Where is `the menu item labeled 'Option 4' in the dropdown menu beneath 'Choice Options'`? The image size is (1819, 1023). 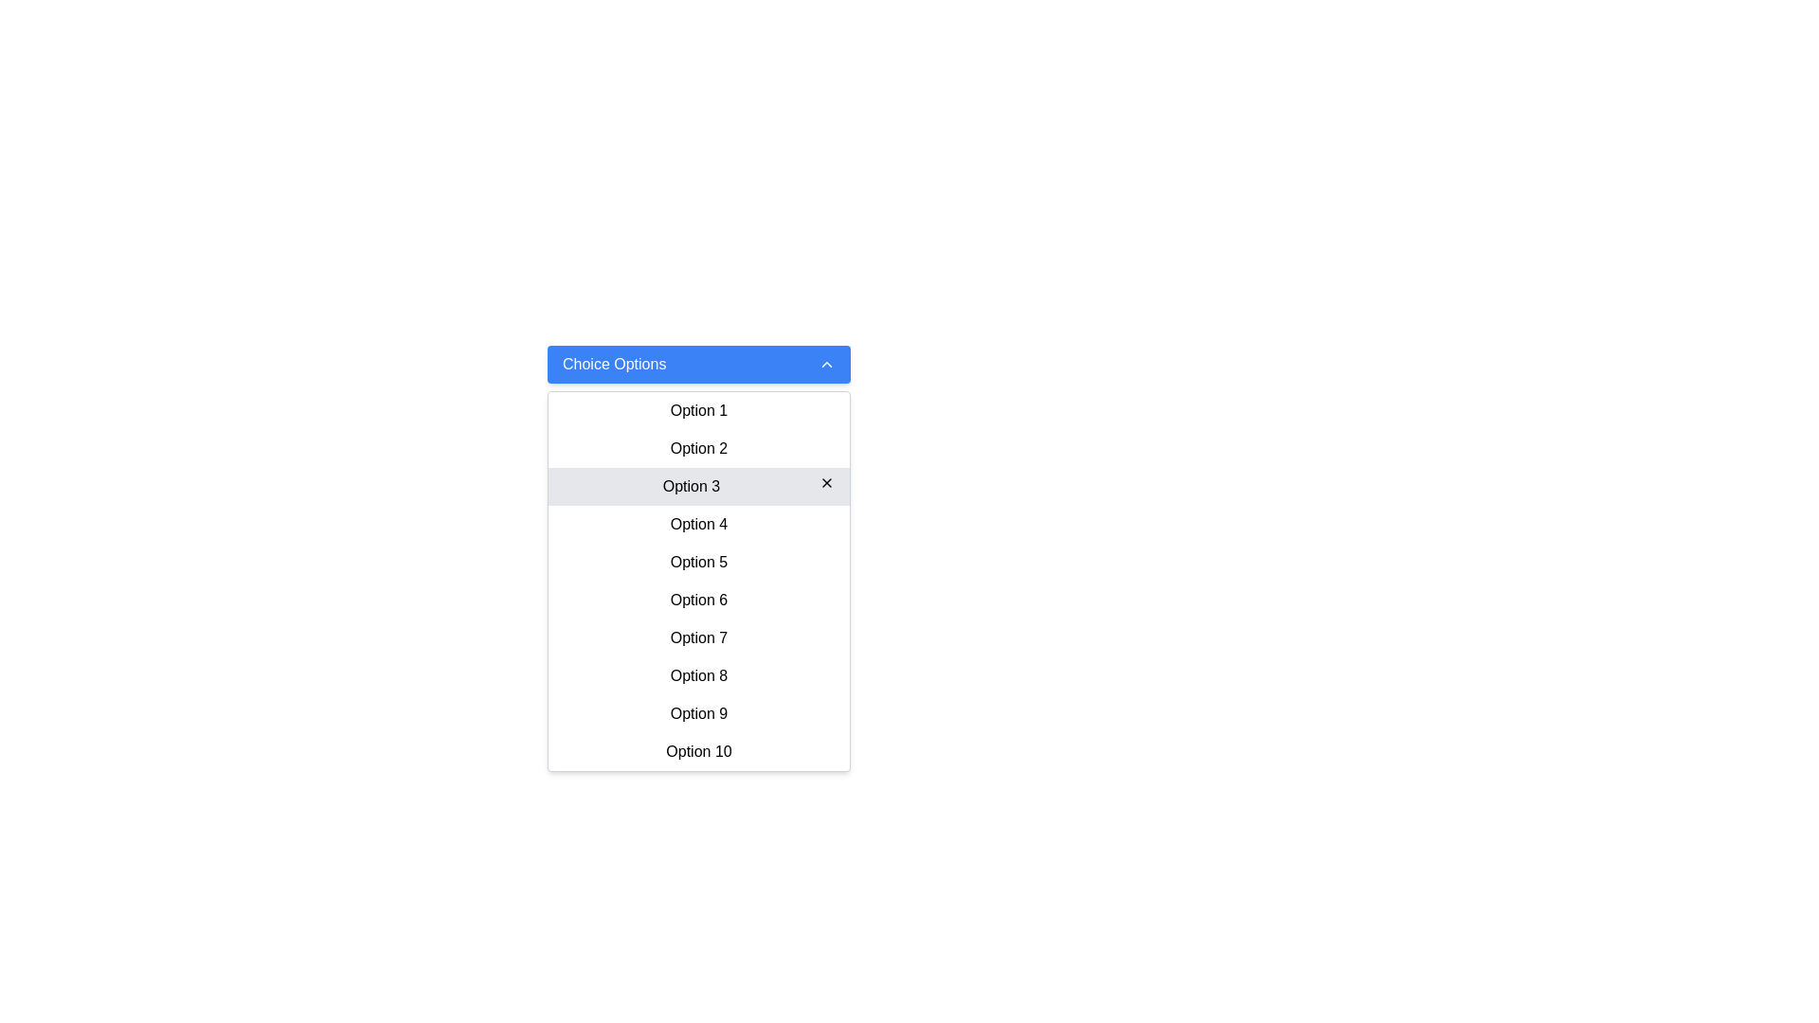 the menu item labeled 'Option 4' in the dropdown menu beneath 'Choice Options' is located at coordinates (698, 525).